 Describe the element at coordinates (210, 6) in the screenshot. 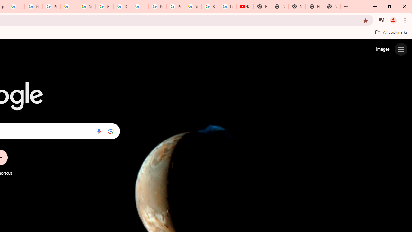

I see `'Browse Chrome as a guest - Computer - Google Chrome Help'` at that location.